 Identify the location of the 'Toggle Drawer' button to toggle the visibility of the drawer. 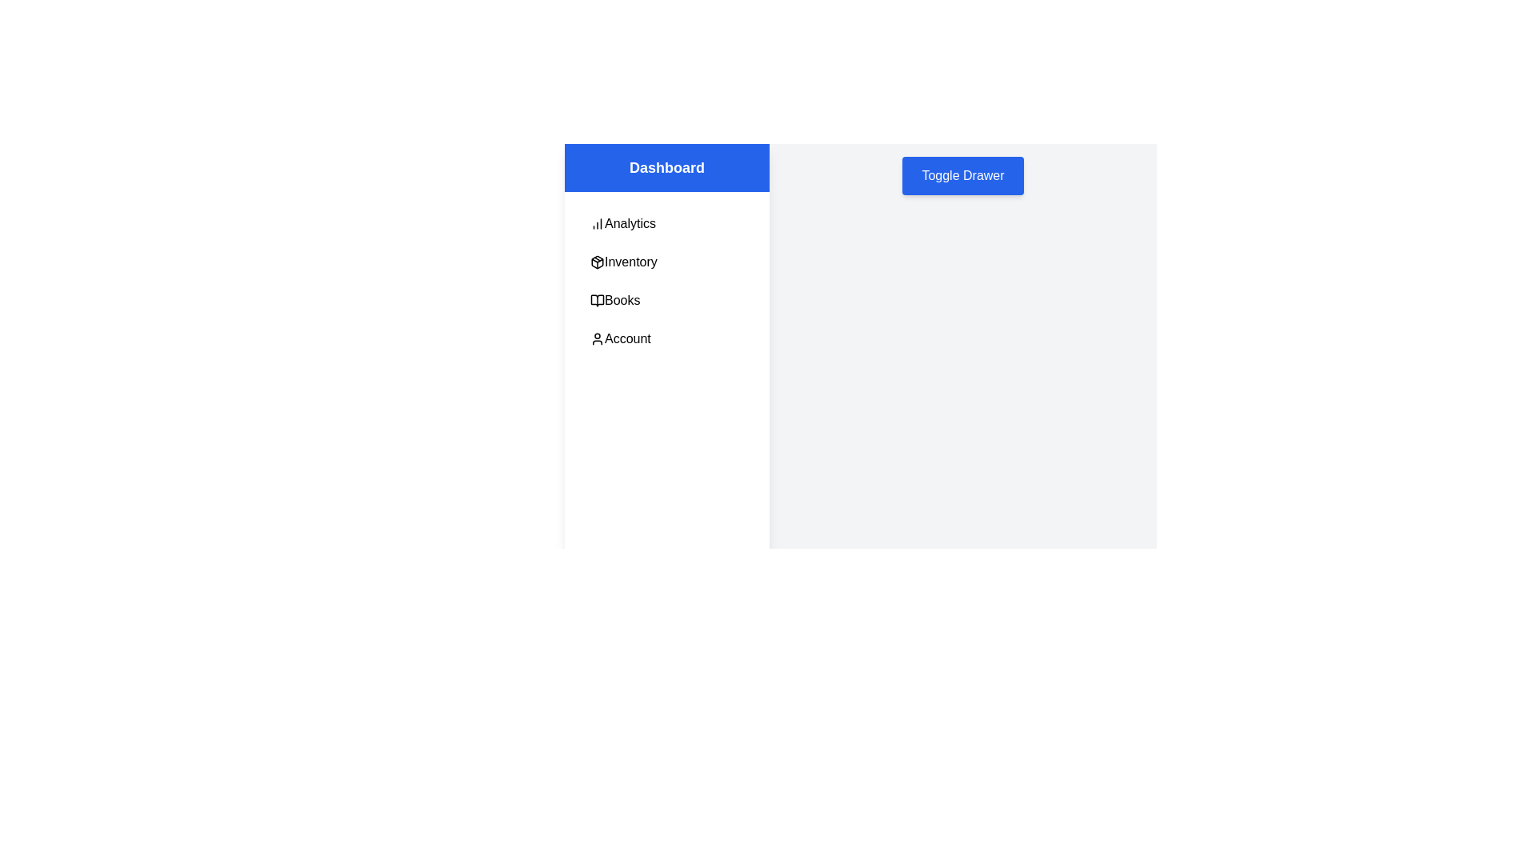
(962, 175).